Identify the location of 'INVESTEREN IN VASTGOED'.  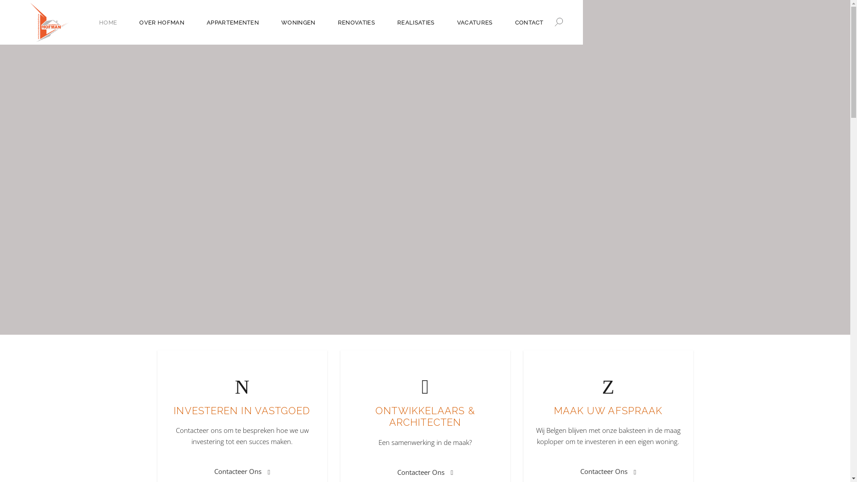
(242, 411).